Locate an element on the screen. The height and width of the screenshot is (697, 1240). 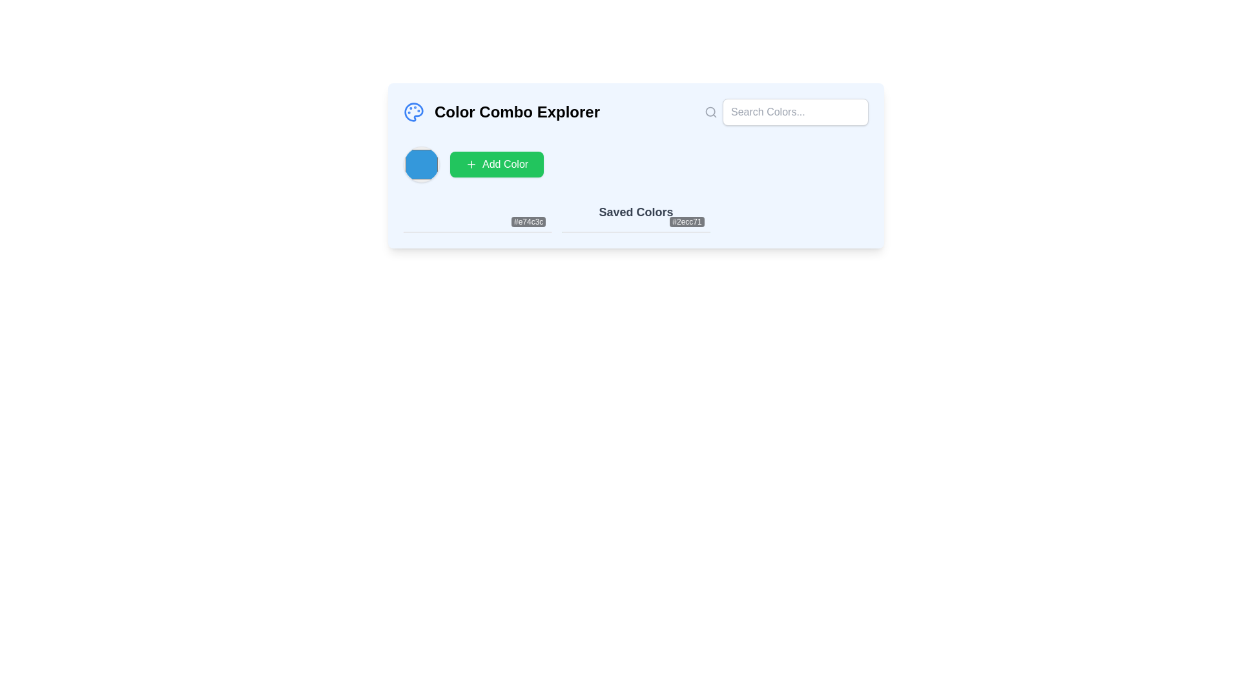
the 'Saved Colors' text label, which is a bold, medium-large gray header positioned above a grid of saved color items is located at coordinates (635, 211).